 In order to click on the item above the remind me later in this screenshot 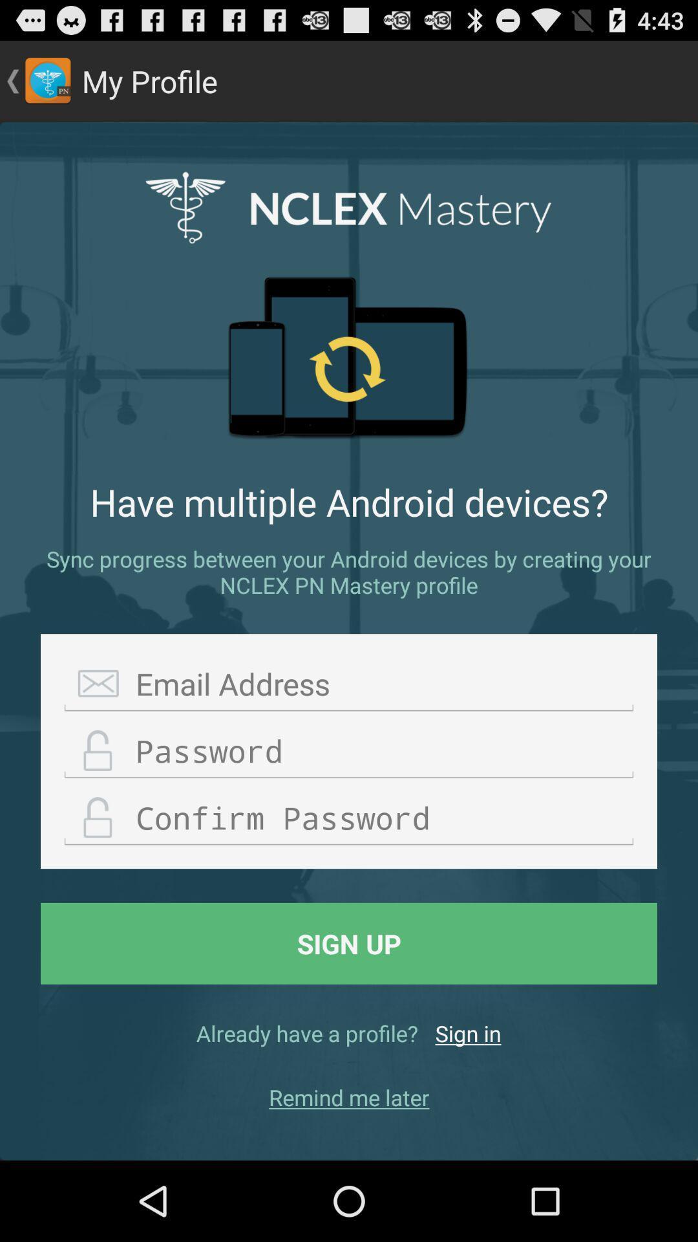, I will do `click(468, 1032)`.